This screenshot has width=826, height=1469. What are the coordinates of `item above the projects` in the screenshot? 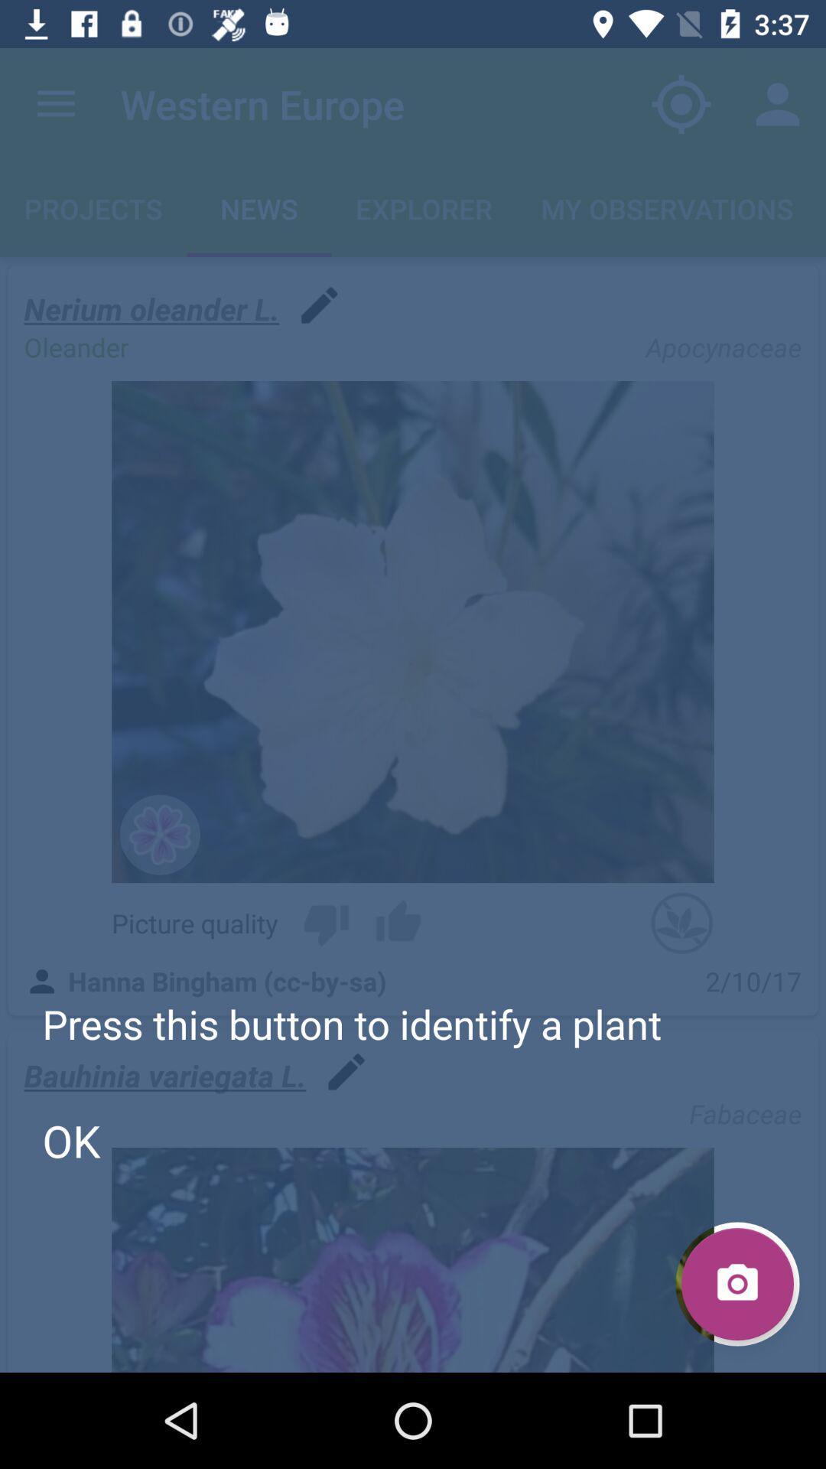 It's located at (55, 103).